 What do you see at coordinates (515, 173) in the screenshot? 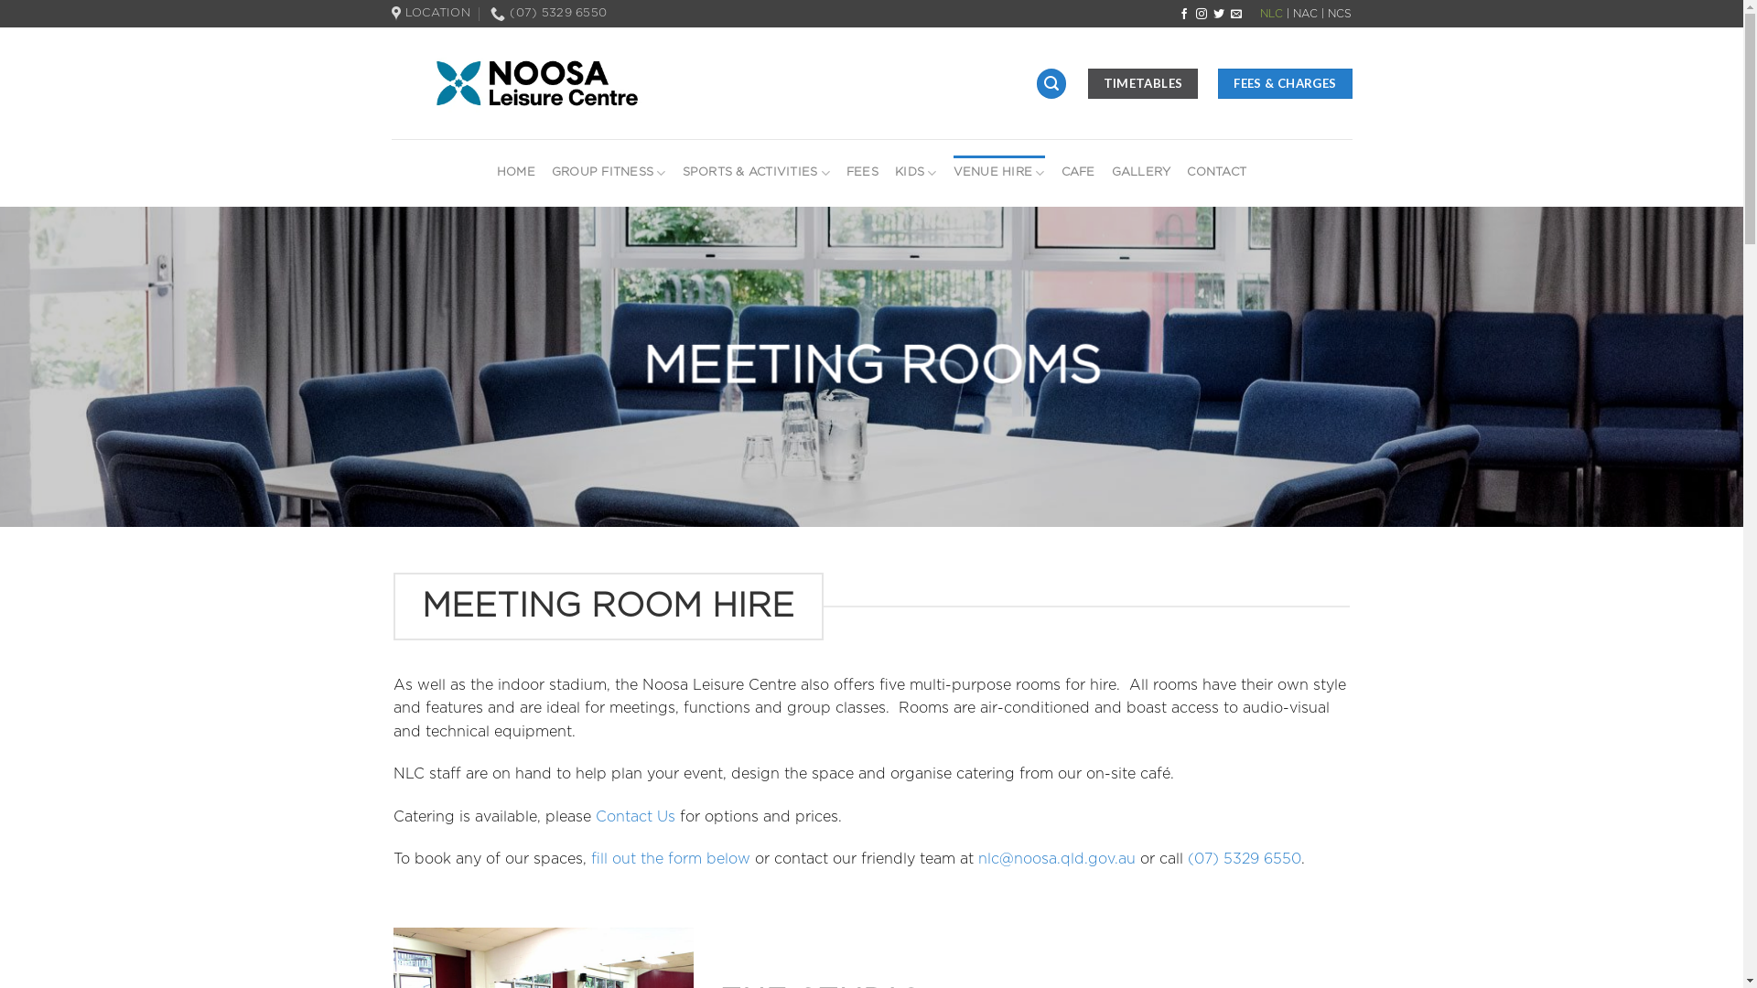
I see `'HOME'` at bounding box center [515, 173].